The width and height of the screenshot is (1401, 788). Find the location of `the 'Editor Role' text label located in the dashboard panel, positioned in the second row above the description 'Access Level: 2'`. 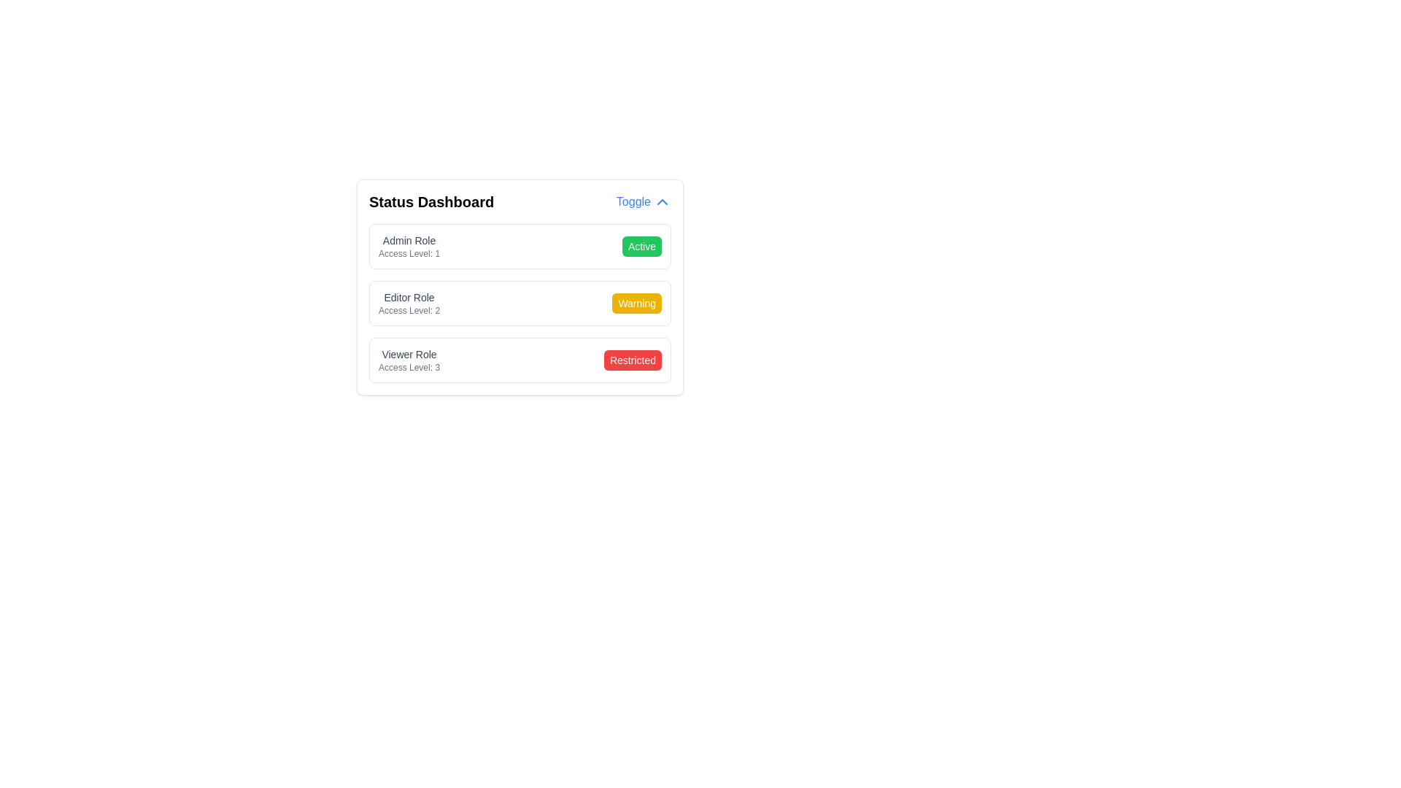

the 'Editor Role' text label located in the dashboard panel, positioned in the second row above the description 'Access Level: 2' is located at coordinates (409, 297).